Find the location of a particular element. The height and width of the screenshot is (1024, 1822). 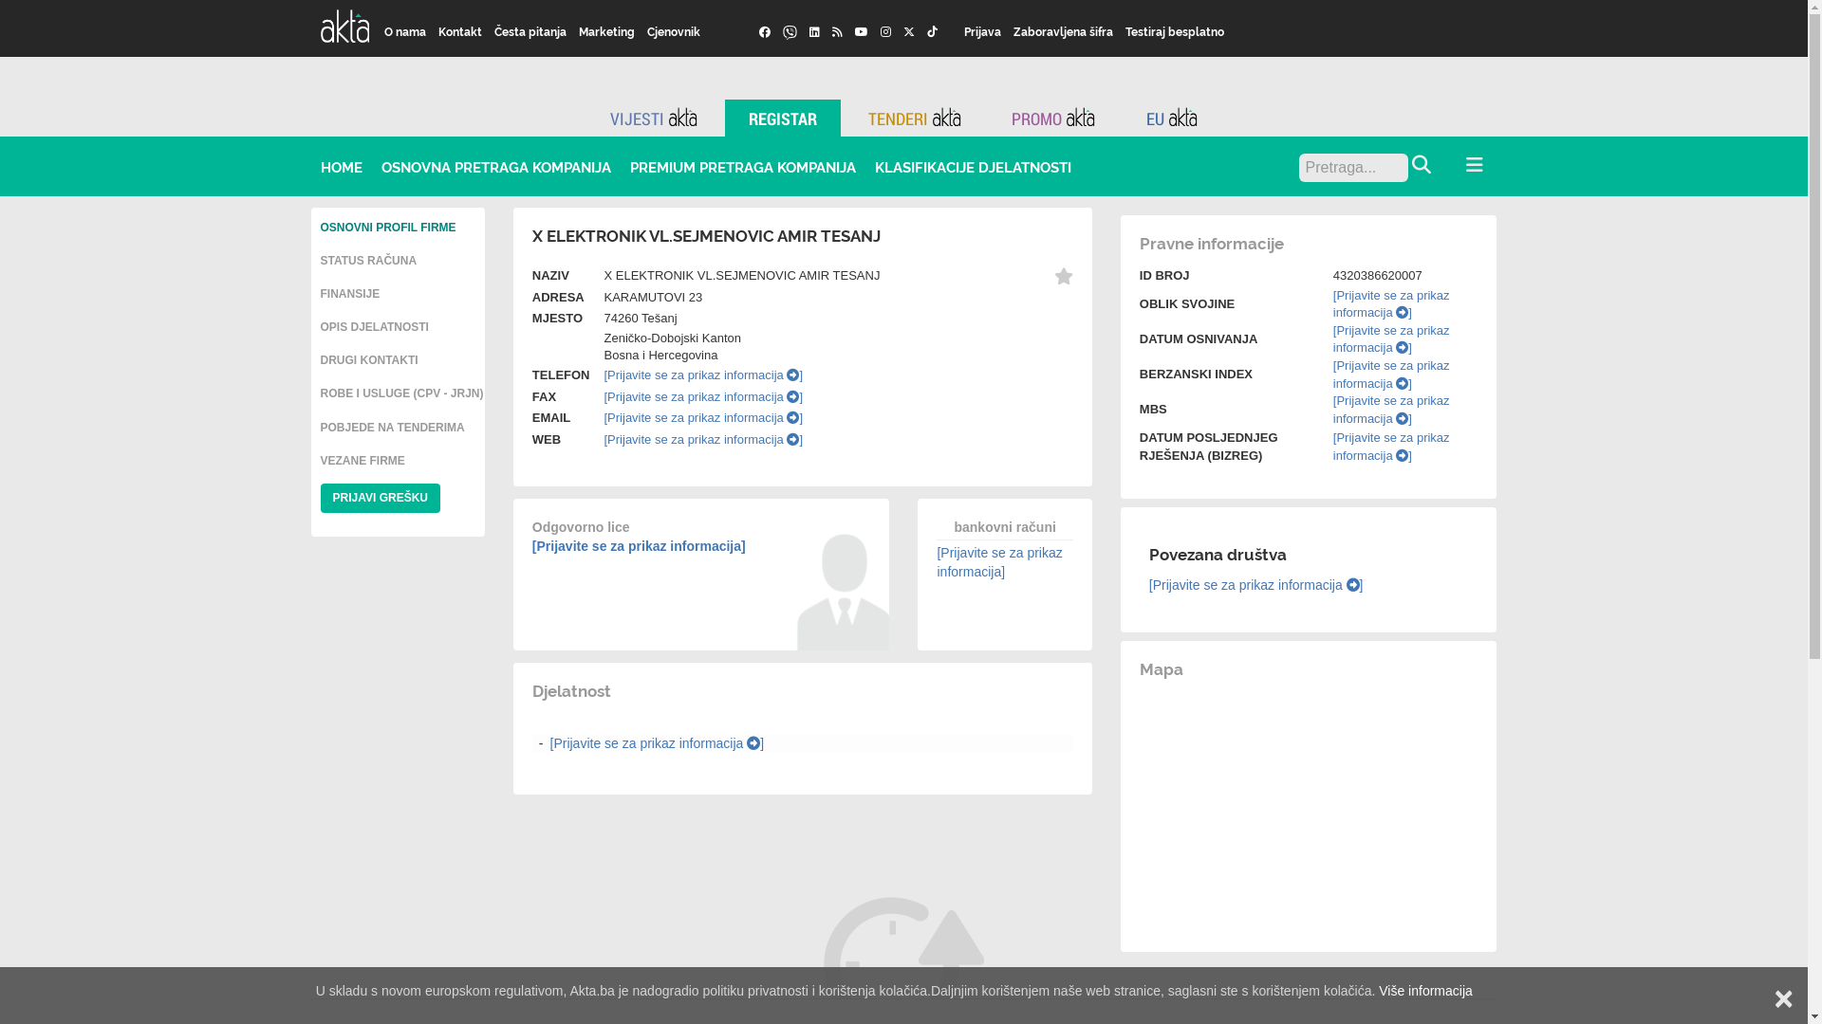

'POBJEDE NA TENDERIMA' is located at coordinates (391, 428).